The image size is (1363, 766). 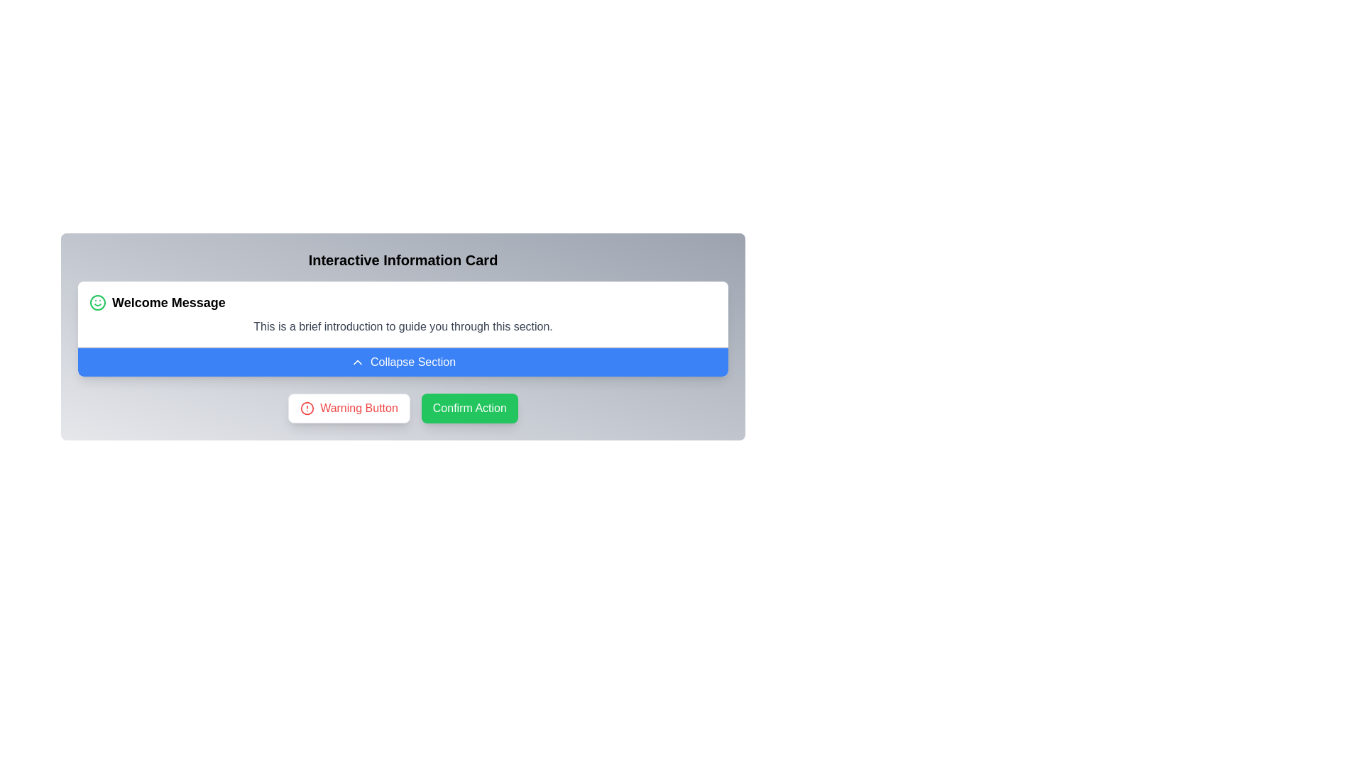 I want to click on the button located at the bottom of the section, just below the thin gray line separator, so click(x=402, y=361).